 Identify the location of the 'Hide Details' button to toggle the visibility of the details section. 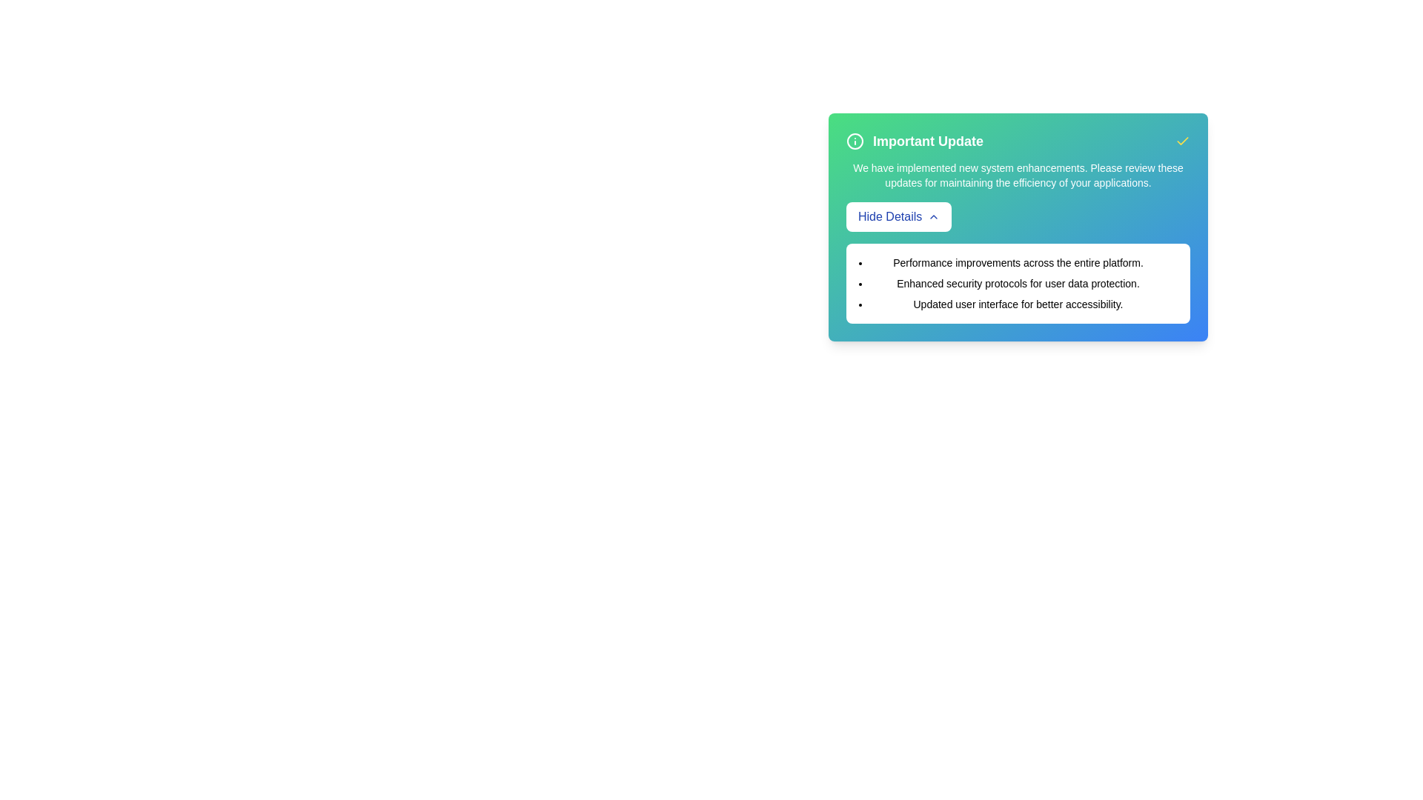
(898, 217).